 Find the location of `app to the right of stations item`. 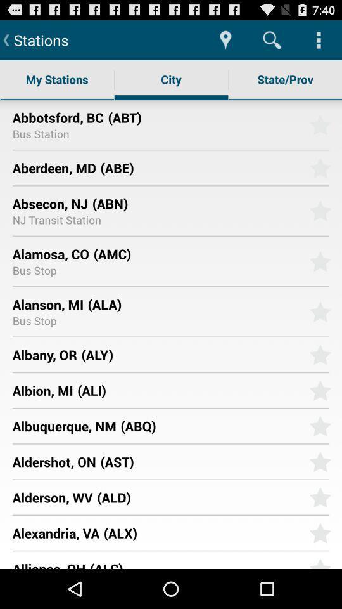

app to the right of stations item is located at coordinates (225, 39).